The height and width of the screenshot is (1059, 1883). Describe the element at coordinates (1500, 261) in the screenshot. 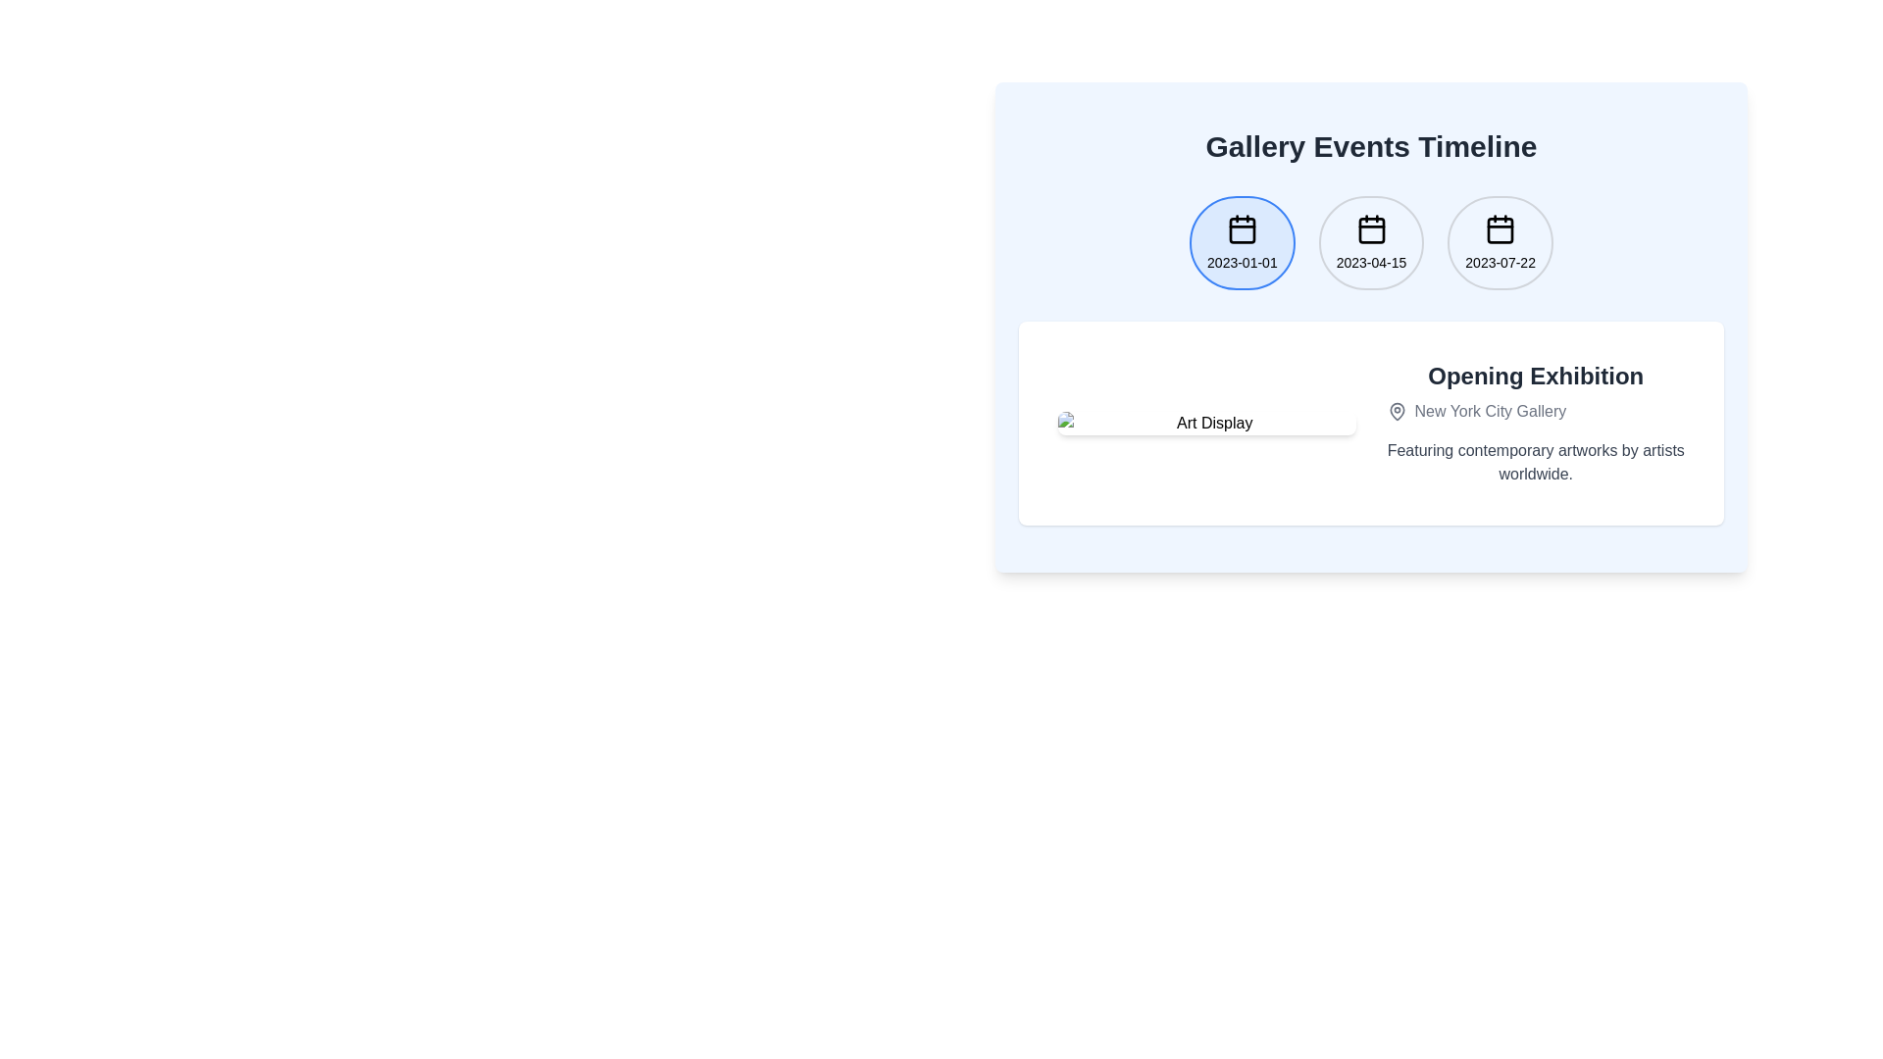

I see `displayed date from the Text label indicating the last date in a horizontal sequence of three date elements, located in the top-right corner of the timeline section` at that location.